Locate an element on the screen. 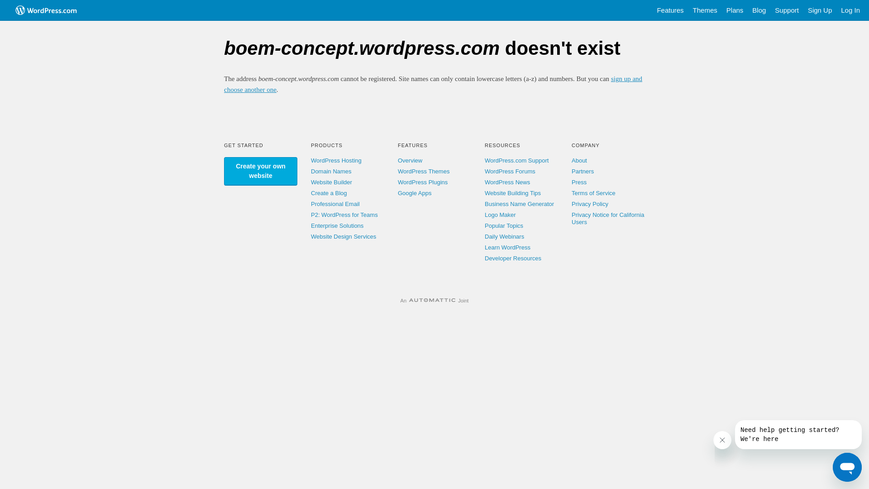 The width and height of the screenshot is (869, 489). 'Blog' is located at coordinates (759, 10).